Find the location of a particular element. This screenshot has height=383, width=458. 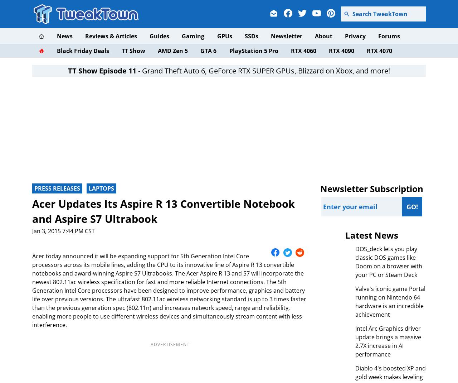

'Intel Arc Graphics driver update brings a massive 2.7X increase in AI performance' is located at coordinates (388, 341).